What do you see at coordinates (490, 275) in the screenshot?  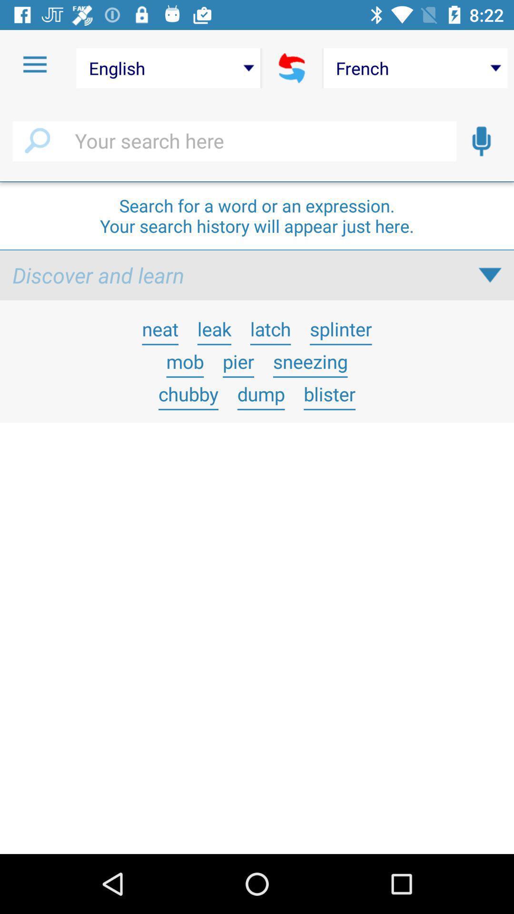 I see `icon to the right of the discover and learn item` at bounding box center [490, 275].